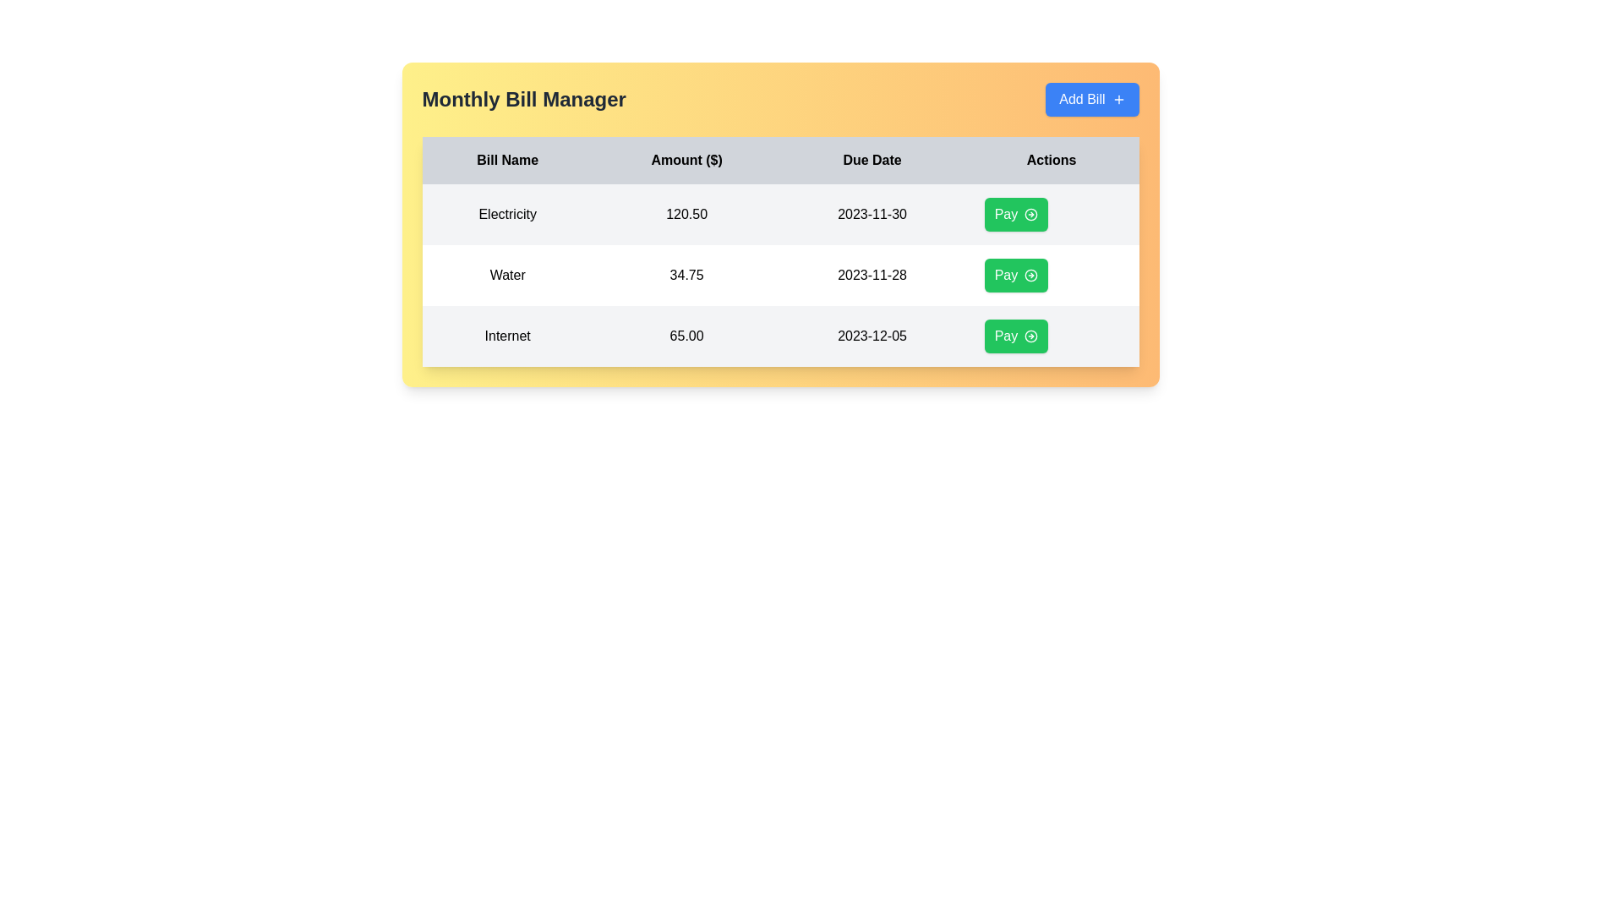 The width and height of the screenshot is (1623, 913). Describe the element at coordinates (872, 275) in the screenshot. I see `the text display in the third column of the second row of the 'Monthly Bill Manager' table, which indicates the due date for the billing entry` at that location.